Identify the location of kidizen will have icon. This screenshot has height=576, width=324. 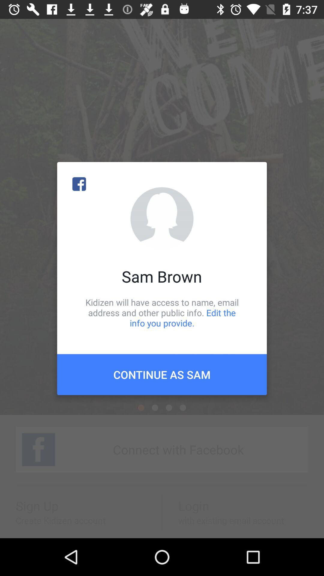
(162, 312).